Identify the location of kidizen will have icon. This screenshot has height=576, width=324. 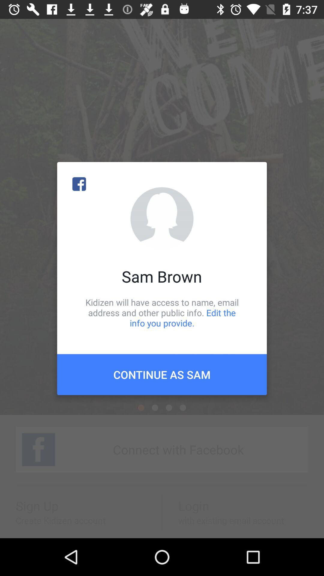
(162, 312).